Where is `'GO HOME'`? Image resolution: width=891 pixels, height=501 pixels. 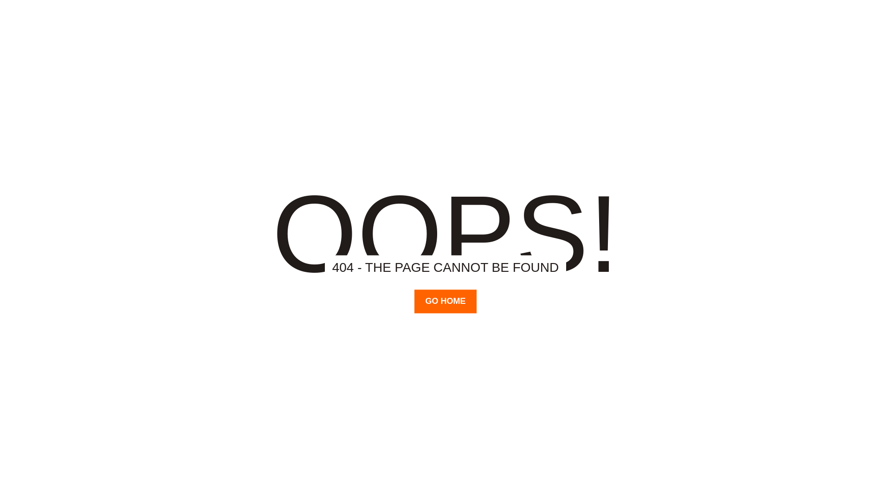
'GO HOME' is located at coordinates (445, 301).